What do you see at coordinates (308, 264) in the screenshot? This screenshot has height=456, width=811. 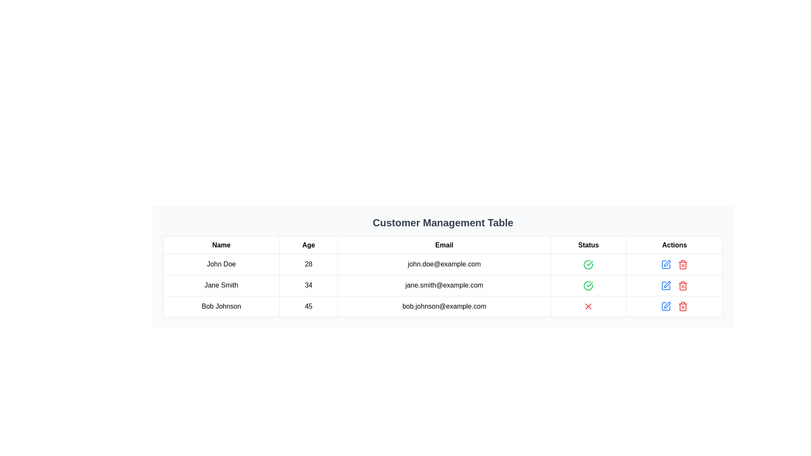 I see `the read-only text display cell showing the age of 'John Doe'` at bounding box center [308, 264].